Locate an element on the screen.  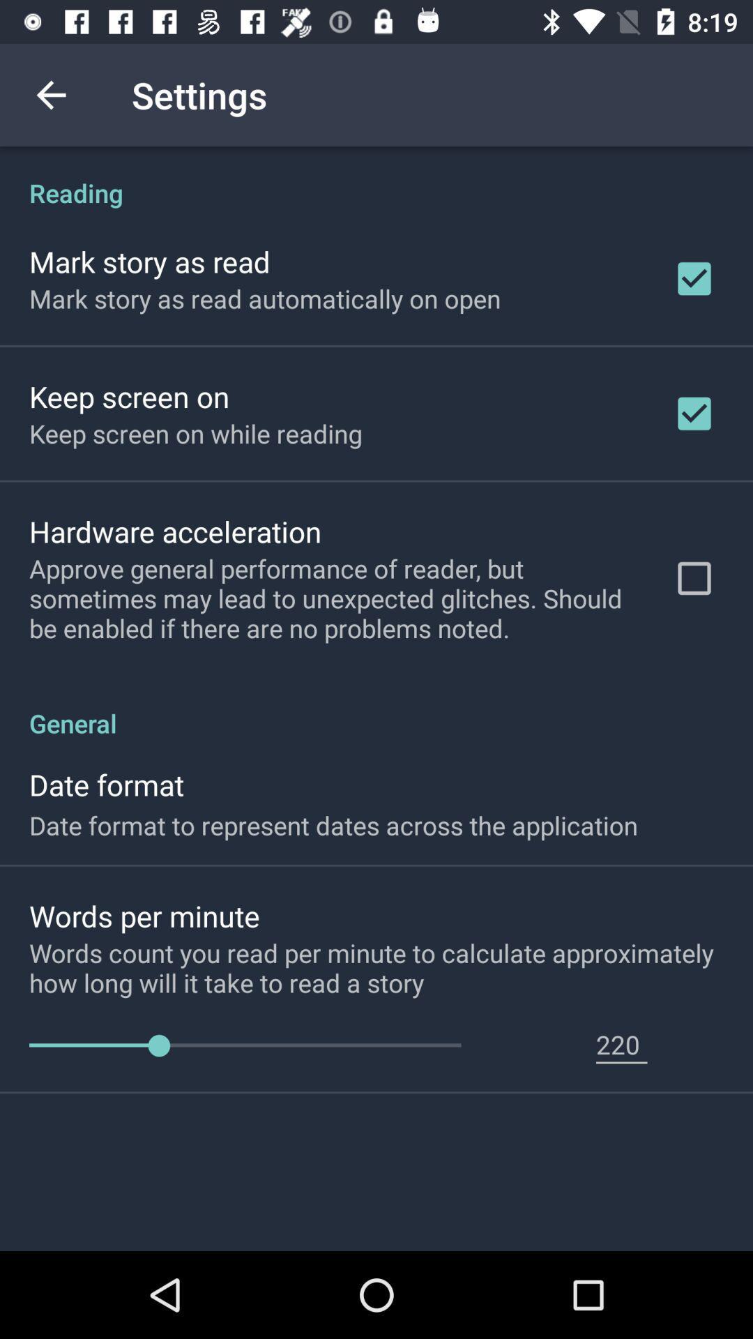
the words count you icon is located at coordinates (390, 967).